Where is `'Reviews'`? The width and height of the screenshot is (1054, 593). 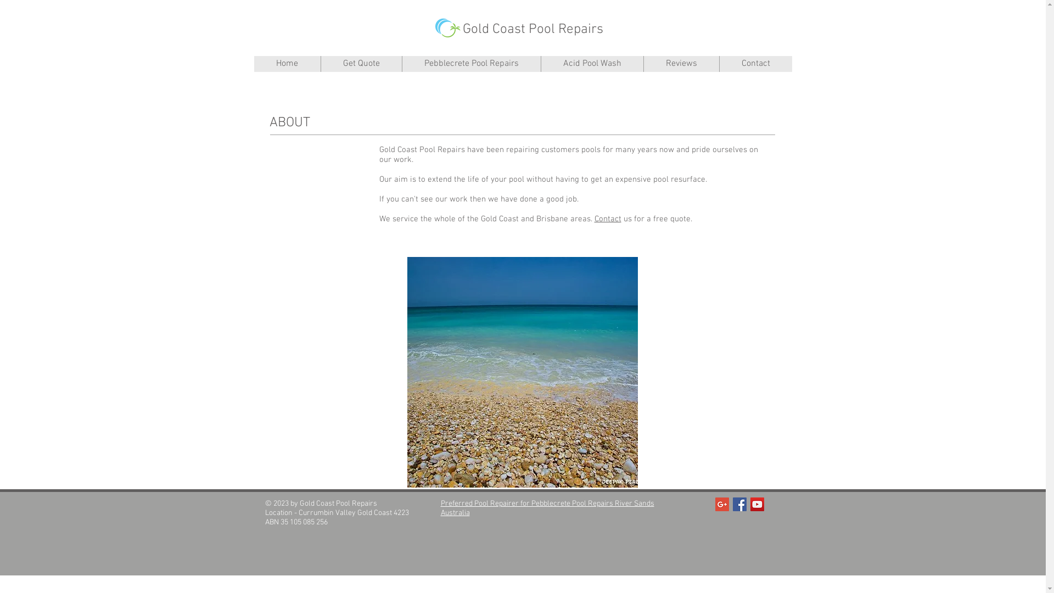 'Reviews' is located at coordinates (643, 64).